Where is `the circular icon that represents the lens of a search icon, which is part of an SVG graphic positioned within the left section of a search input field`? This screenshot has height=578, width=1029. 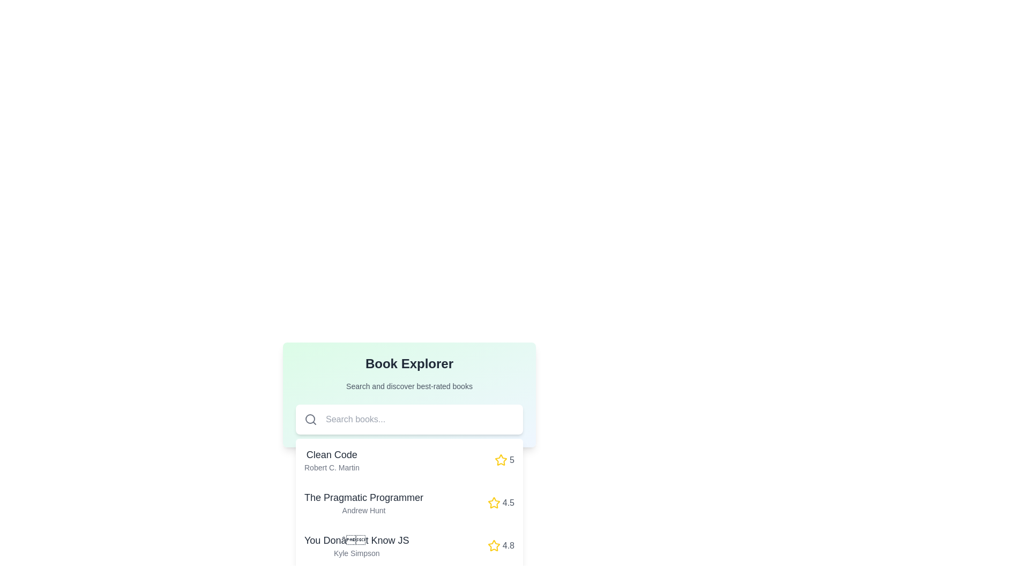
the circular icon that represents the lens of a search icon, which is part of an SVG graphic positioned within the left section of a search input field is located at coordinates (310, 419).